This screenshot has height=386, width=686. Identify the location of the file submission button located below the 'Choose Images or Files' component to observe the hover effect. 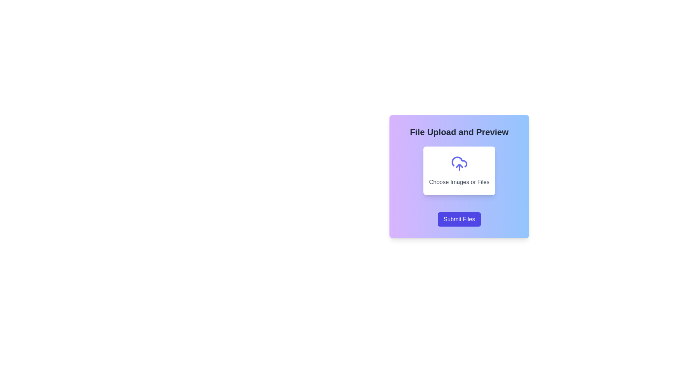
(459, 219).